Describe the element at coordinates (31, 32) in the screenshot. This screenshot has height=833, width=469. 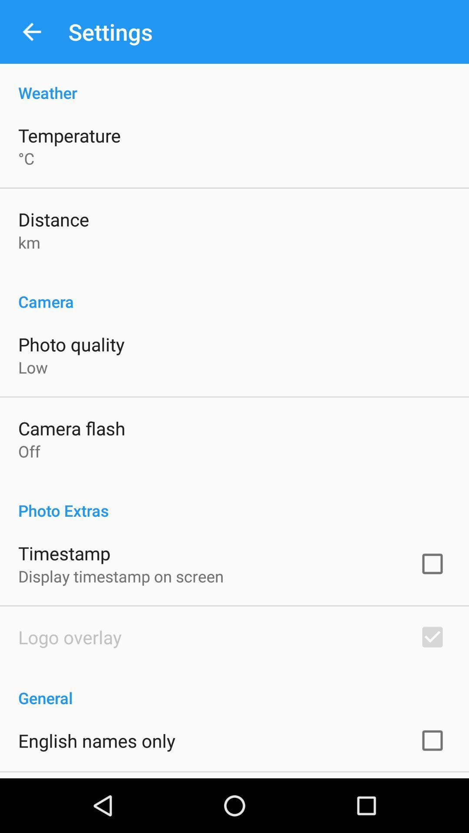
I see `app next to settings app` at that location.